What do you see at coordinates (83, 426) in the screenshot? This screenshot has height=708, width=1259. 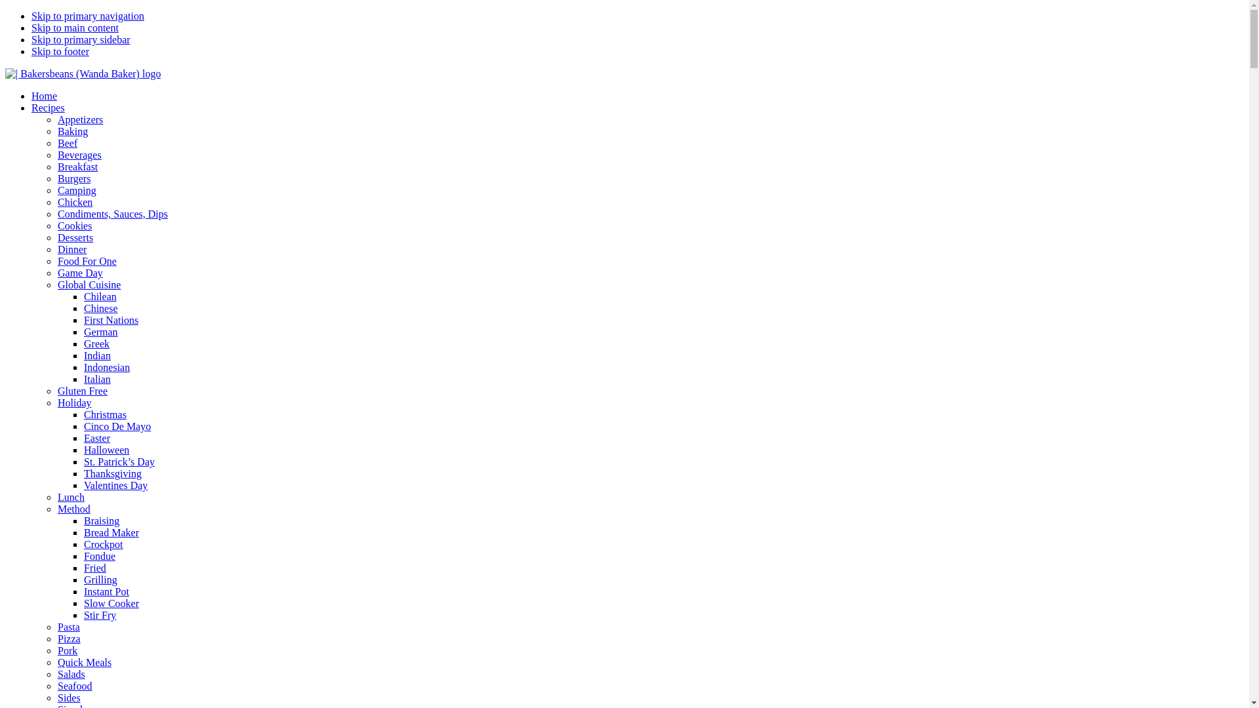 I see `'Cinco De Mayo'` at bounding box center [83, 426].